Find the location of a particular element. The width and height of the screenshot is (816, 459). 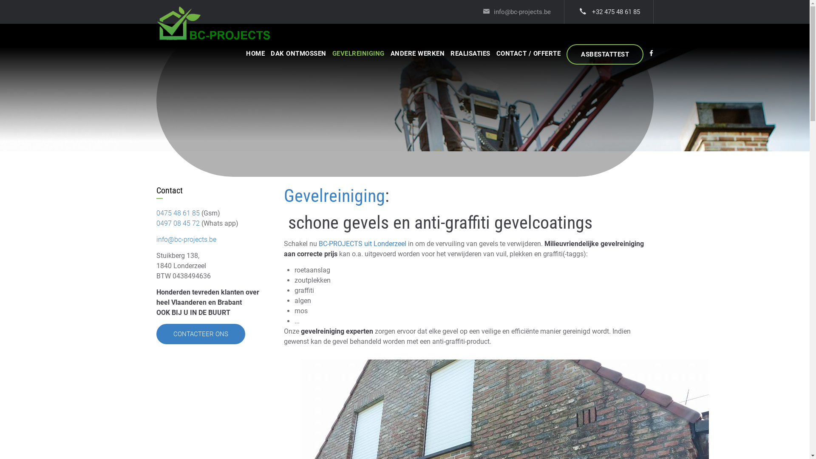

'DAK ONTMOSSEN' is located at coordinates (270, 54).